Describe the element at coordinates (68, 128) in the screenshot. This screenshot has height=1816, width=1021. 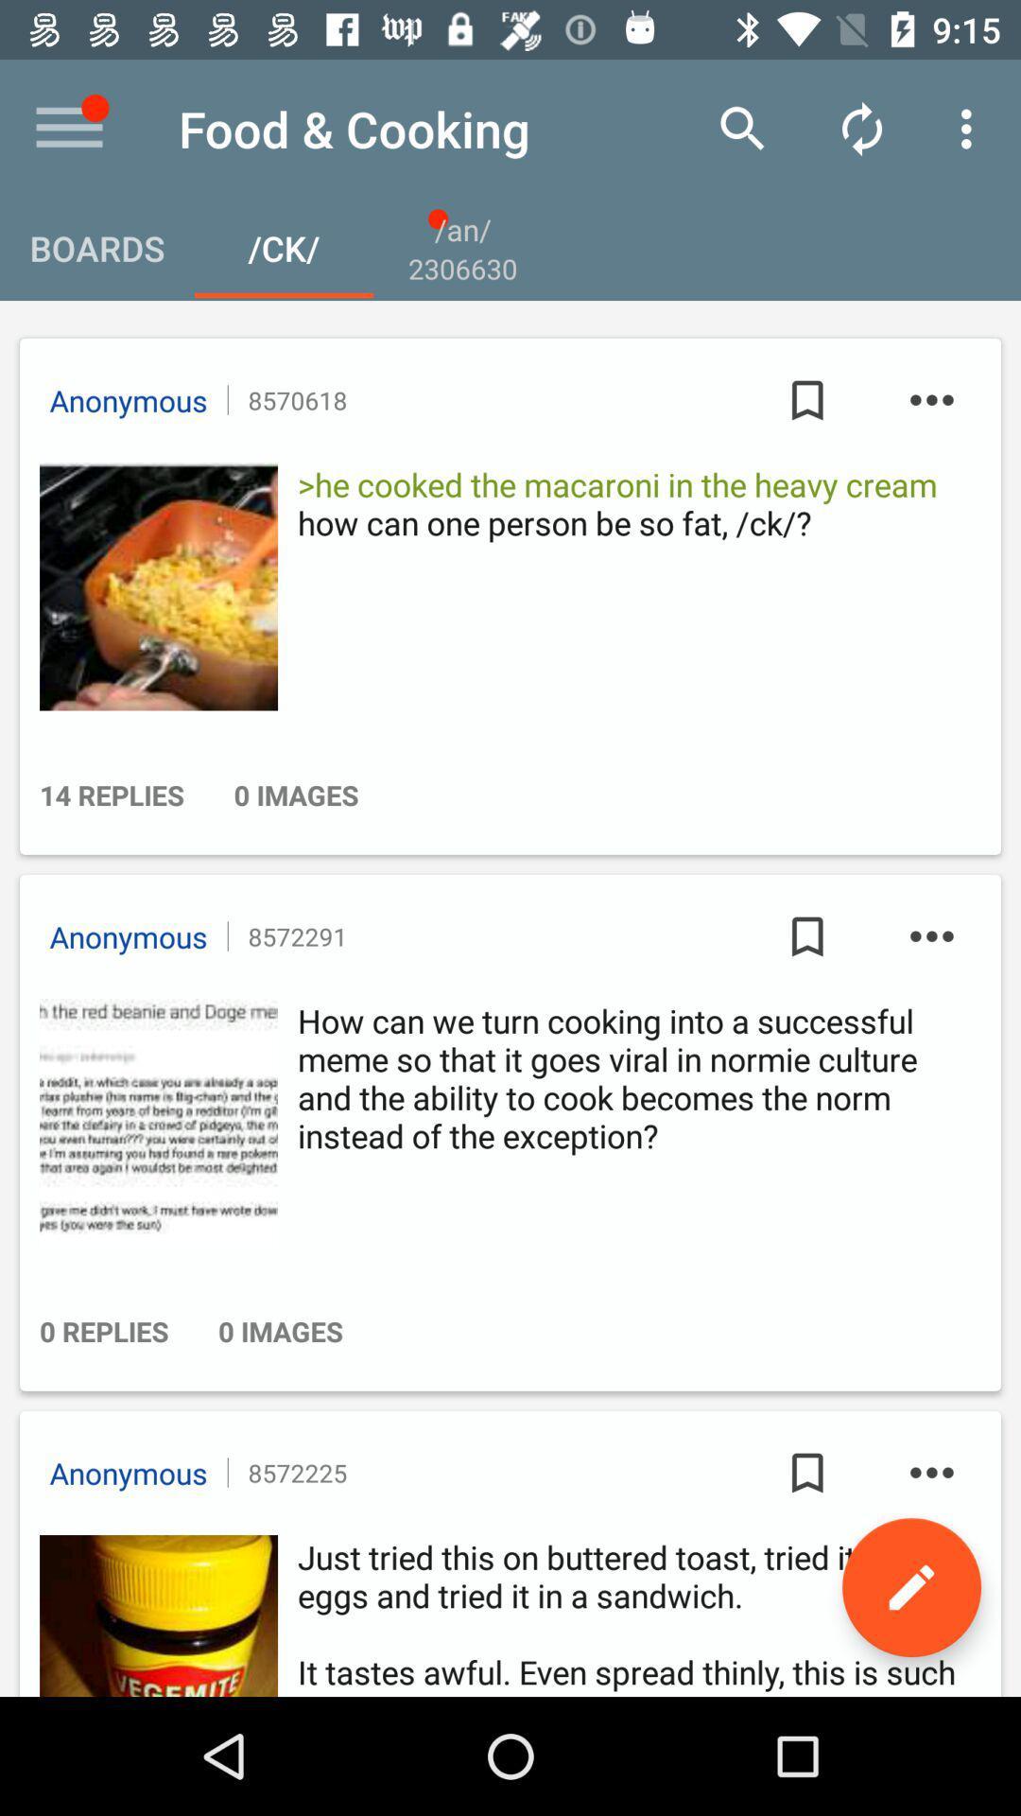
I see `access menu` at that location.